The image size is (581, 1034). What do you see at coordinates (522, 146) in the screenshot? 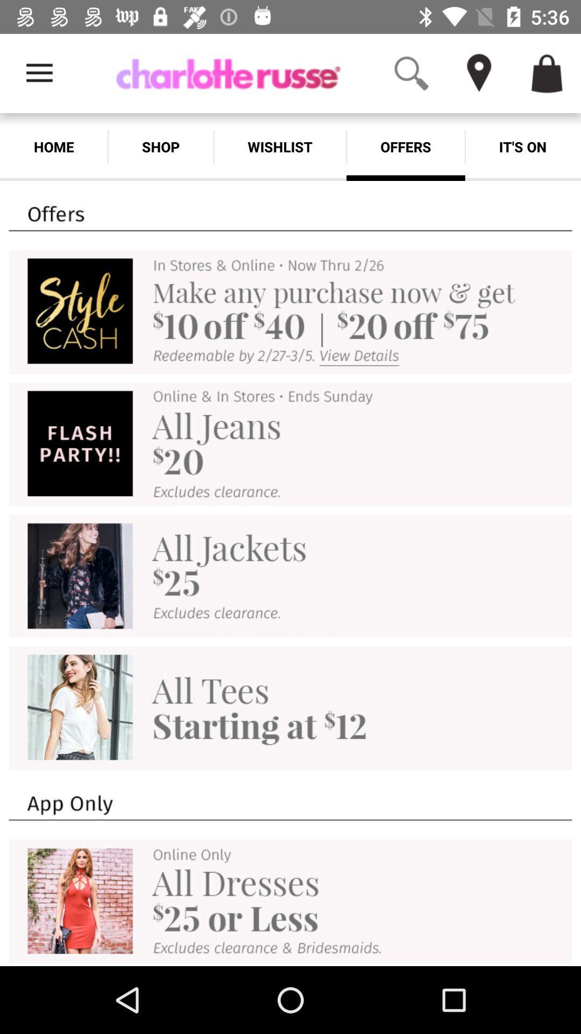
I see `it's on app` at bounding box center [522, 146].